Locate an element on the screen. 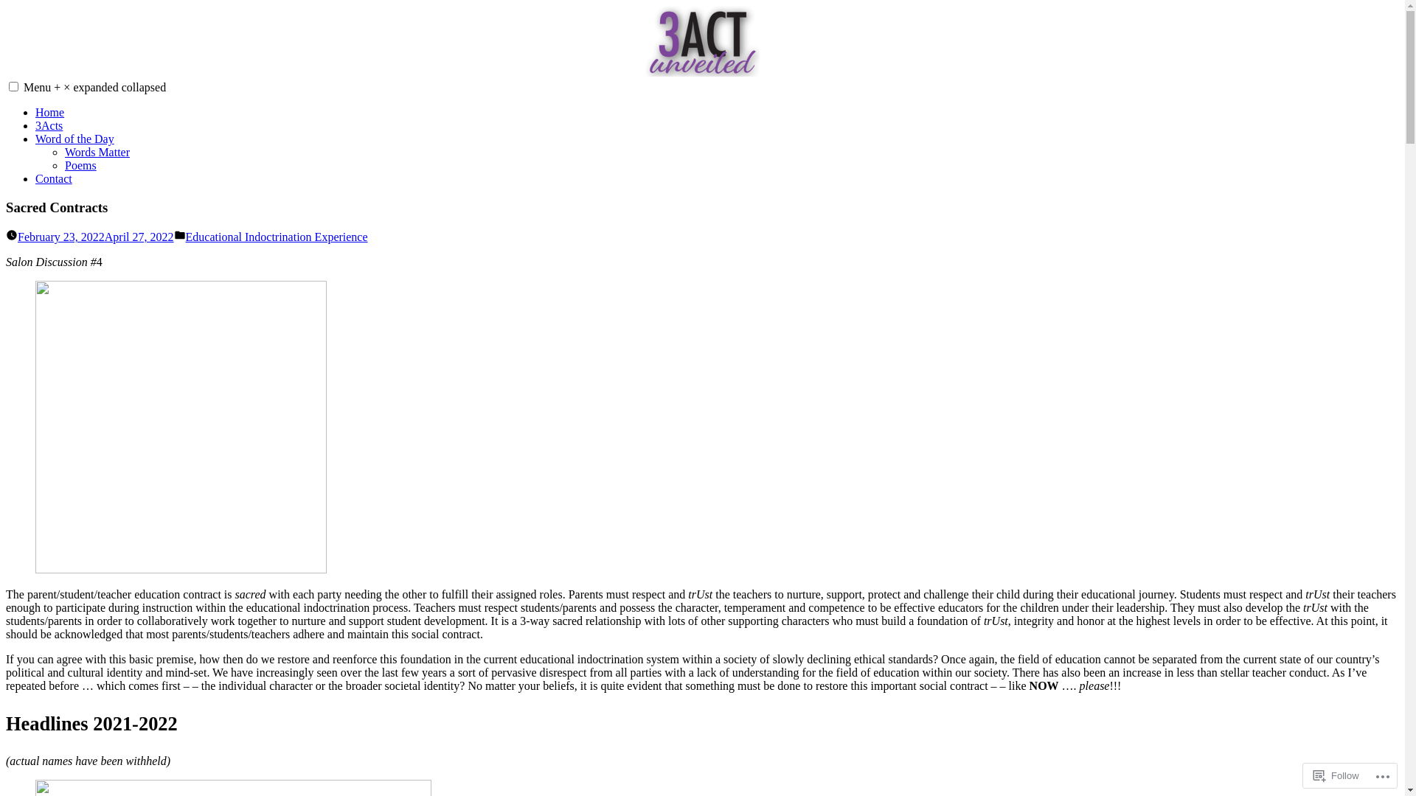 This screenshot has width=1416, height=796. 'Educational Indoctrination Experience' is located at coordinates (185, 236).